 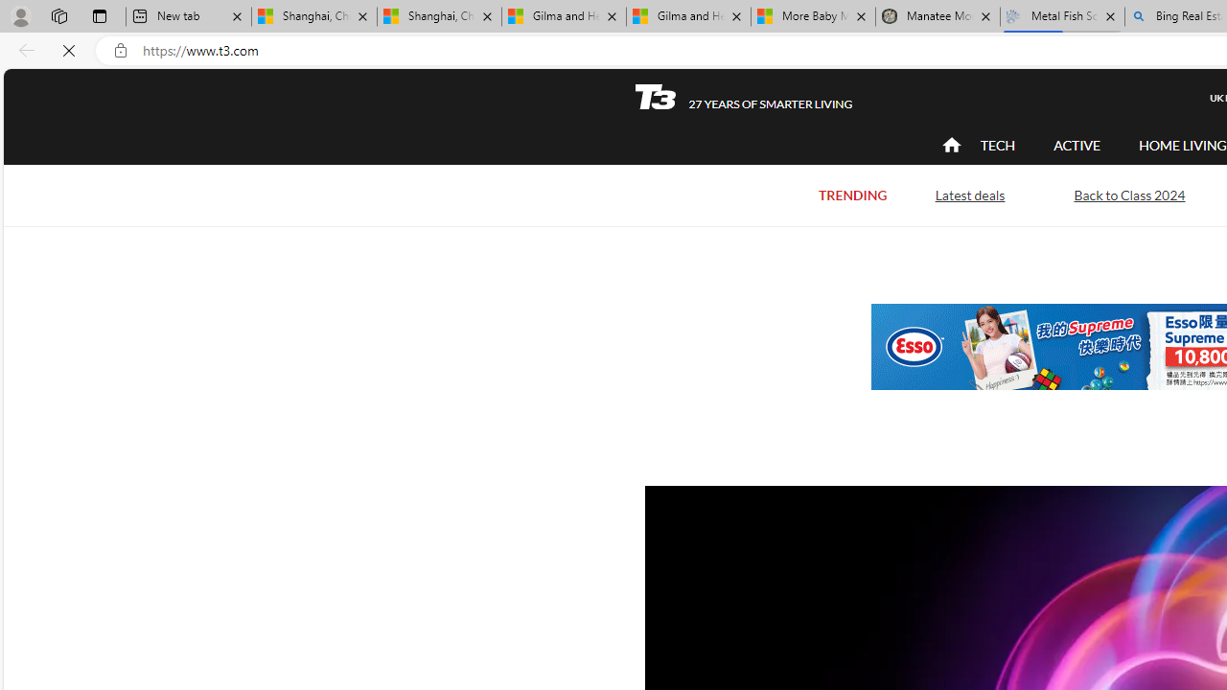 I want to click on 'Class: navigation__item', so click(x=949, y=144).